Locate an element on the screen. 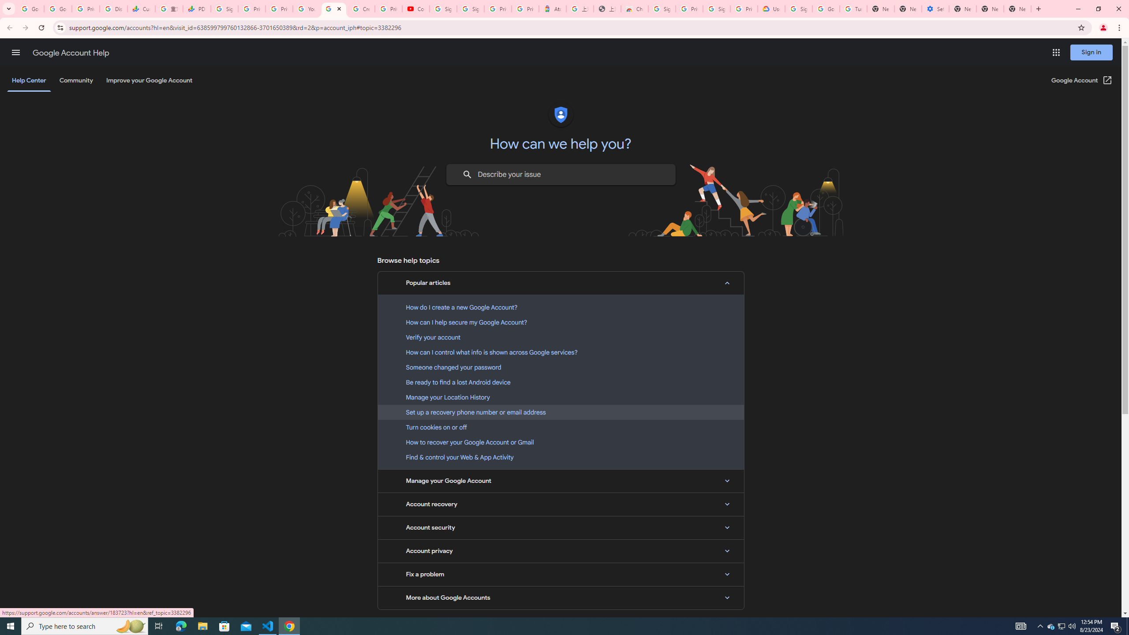 The height and width of the screenshot is (635, 1129). 'Content Creator Programs & Opportunities - YouTube Creators' is located at coordinates (415, 8).